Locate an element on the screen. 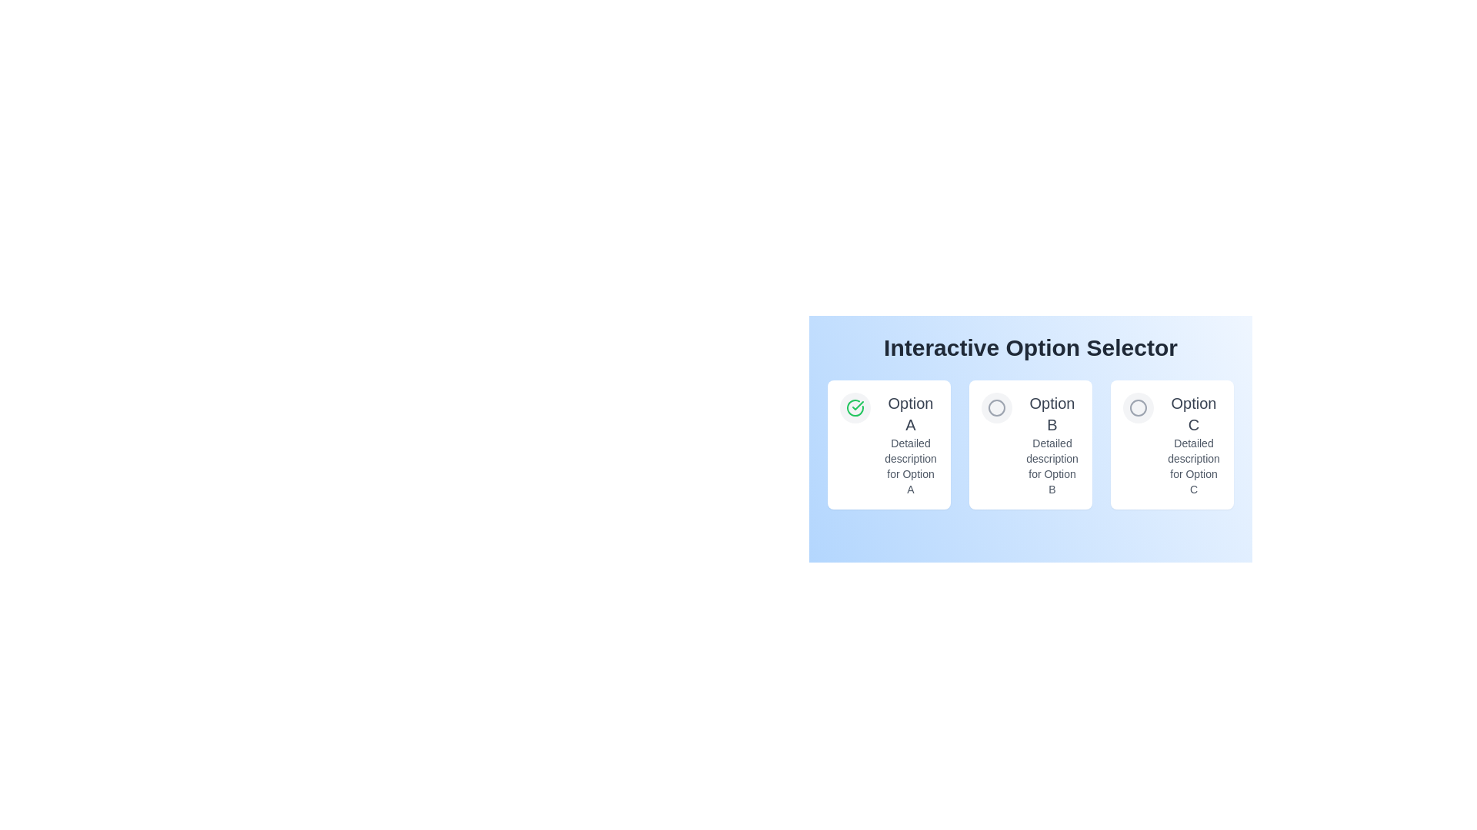 The image size is (1477, 830). the radio button for 'Option C' is located at coordinates (1138, 407).